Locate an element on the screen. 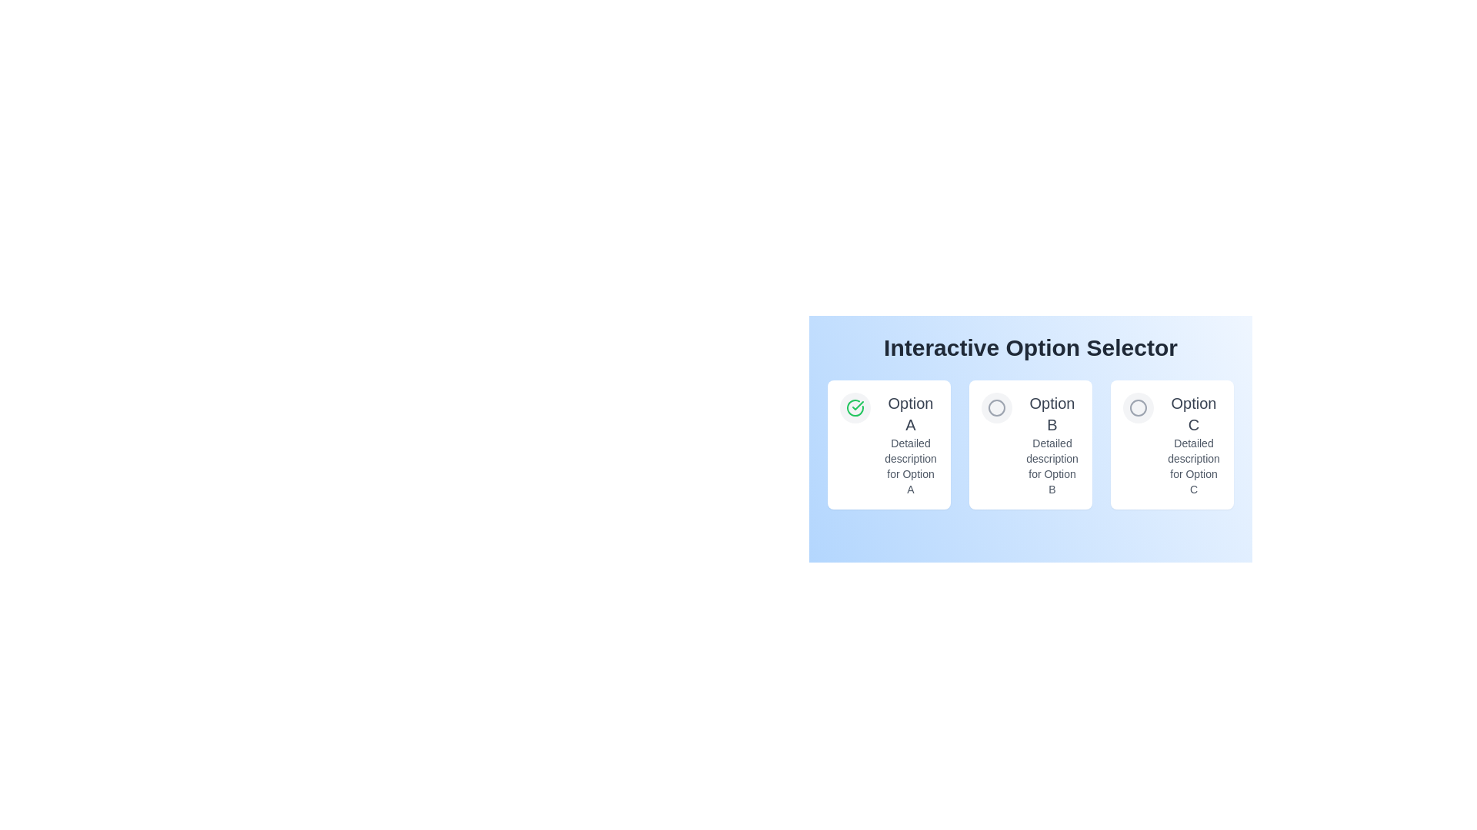 The image size is (1477, 830). the radio button for 'Option C' is located at coordinates (1138, 407).